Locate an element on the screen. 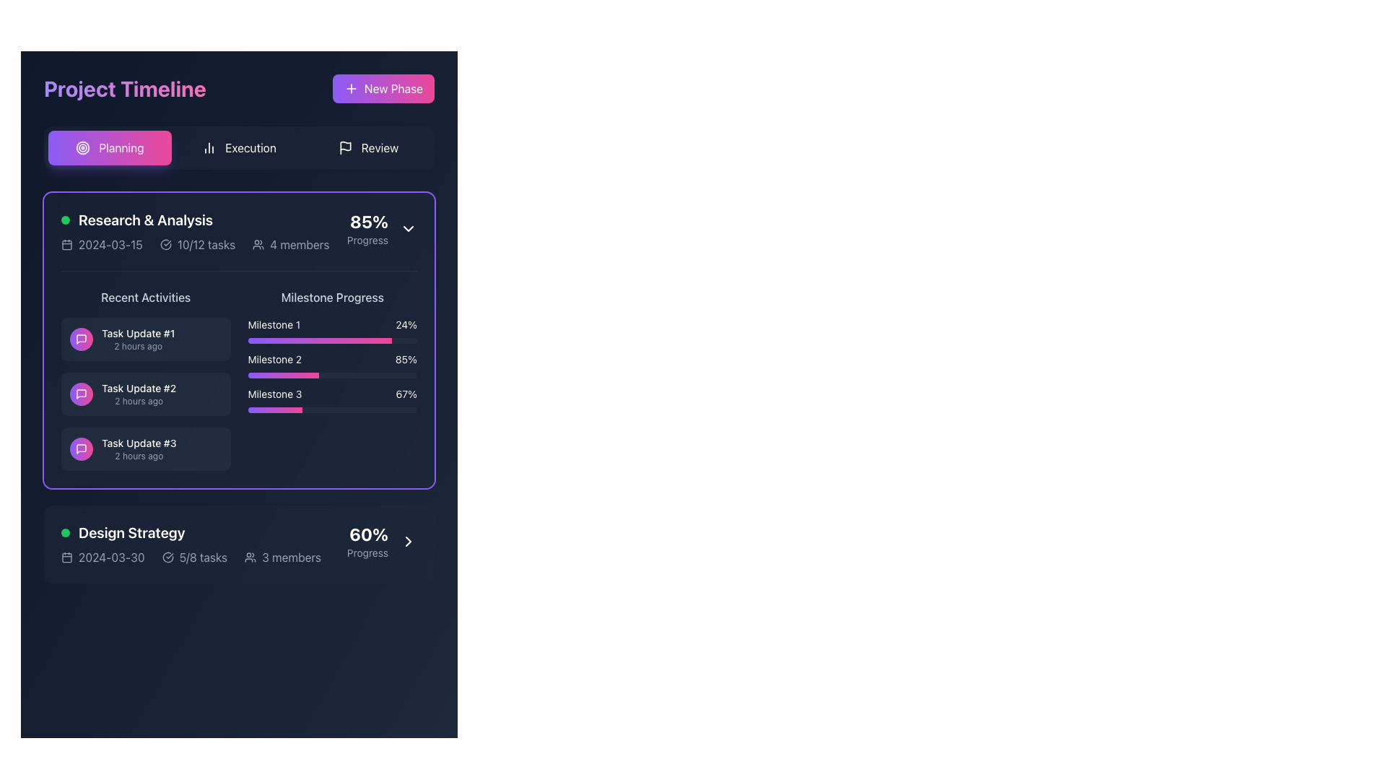  the circular check mark icon, which indicates task completion, located to the left of the '5/8 tasks' text in the bottom portion of the interface is located at coordinates (167, 556).